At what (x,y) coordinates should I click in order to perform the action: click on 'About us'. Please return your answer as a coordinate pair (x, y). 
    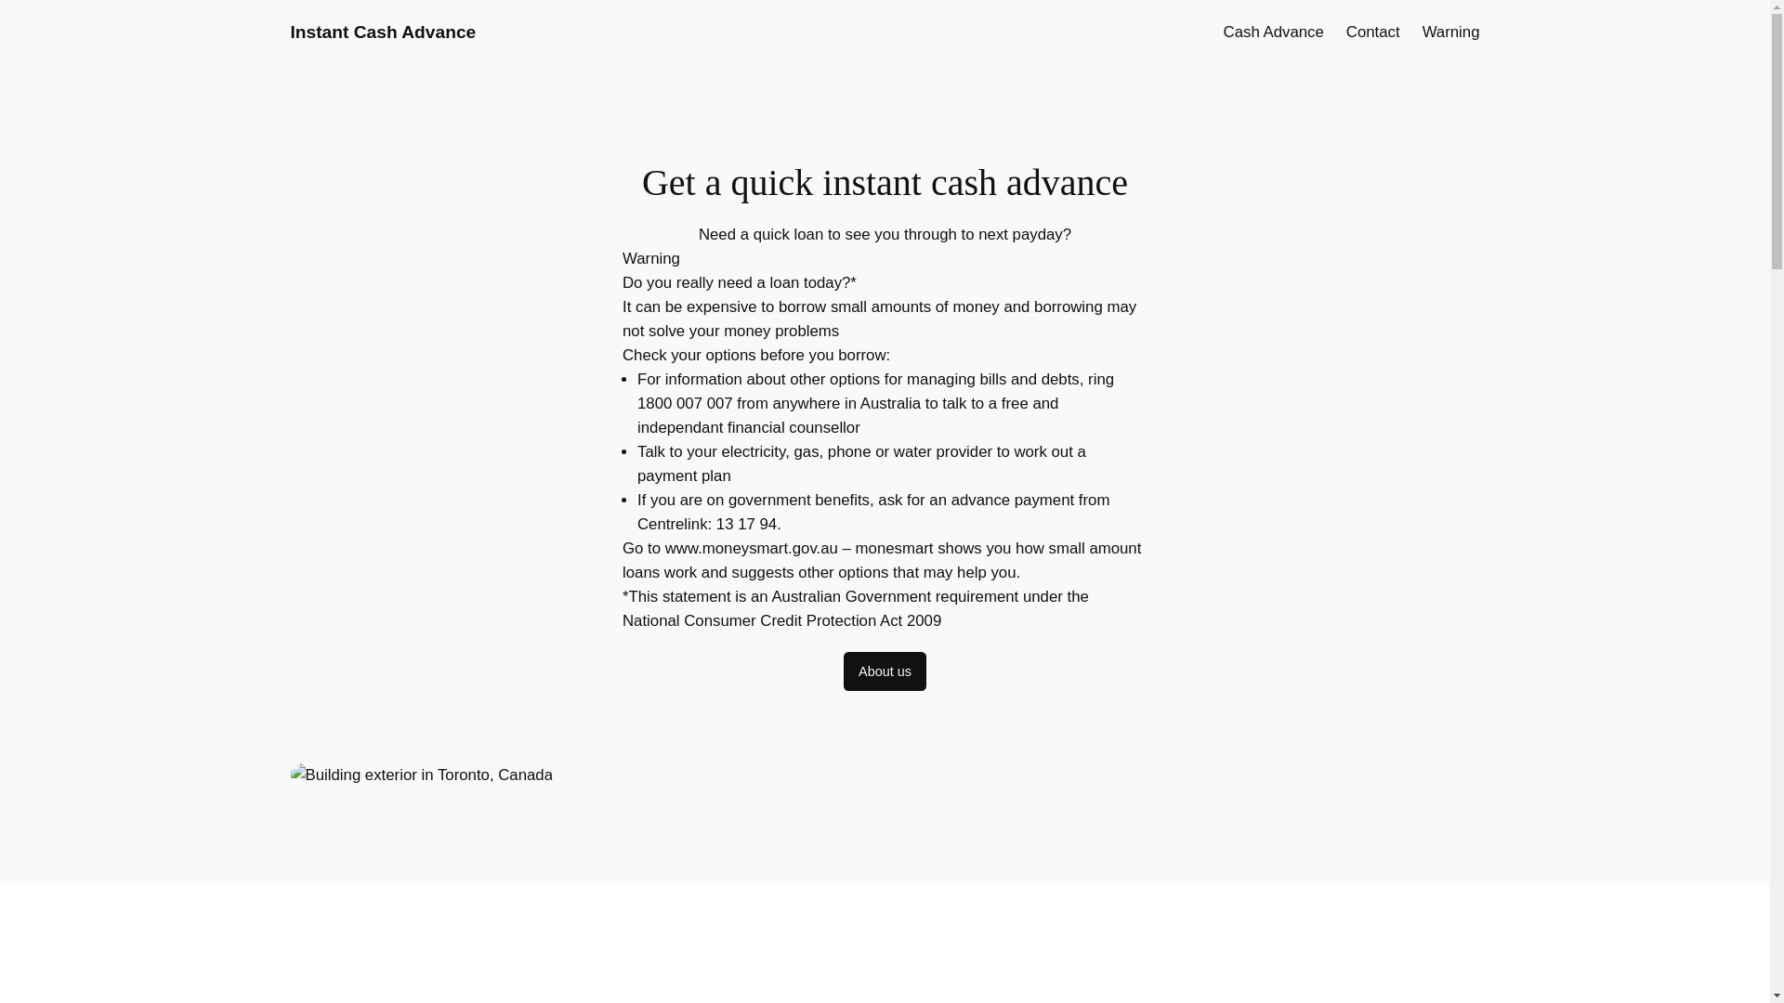
    Looking at the image, I should click on (884, 671).